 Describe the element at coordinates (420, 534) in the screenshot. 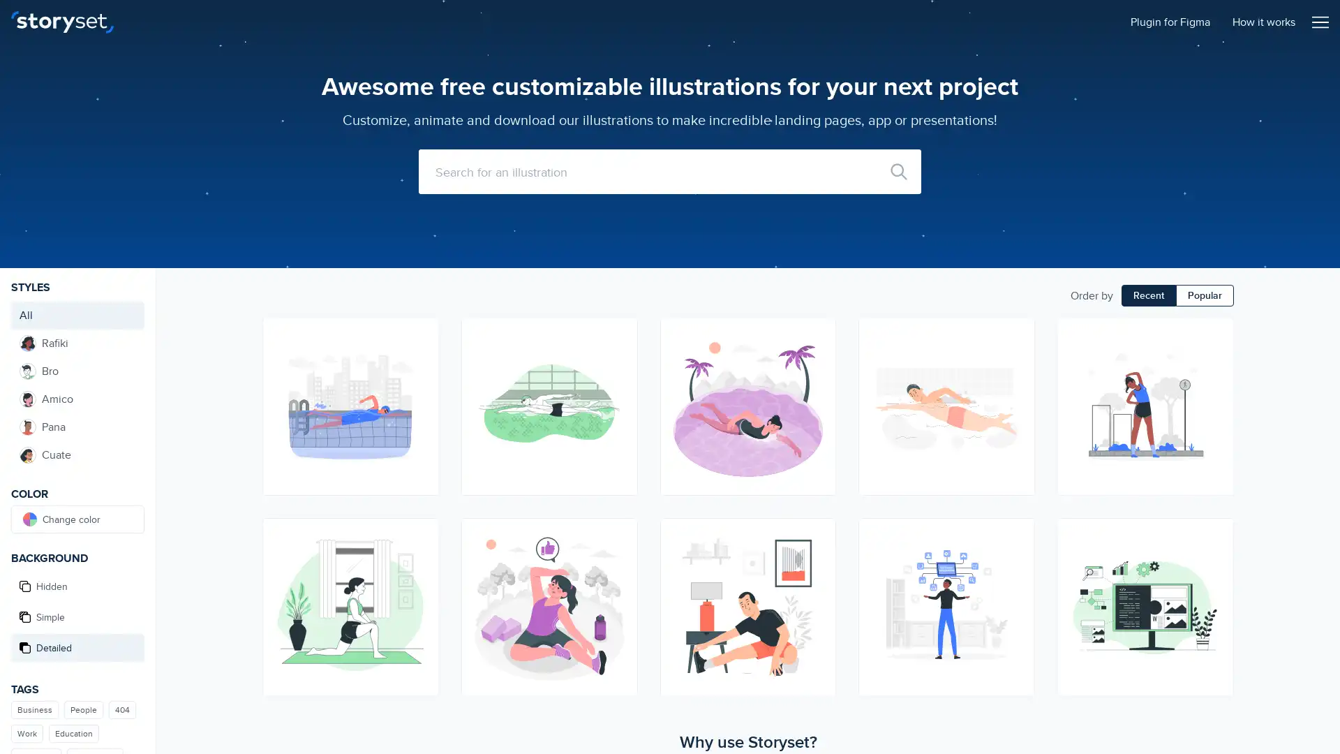

I see `wand icon Animate` at that location.